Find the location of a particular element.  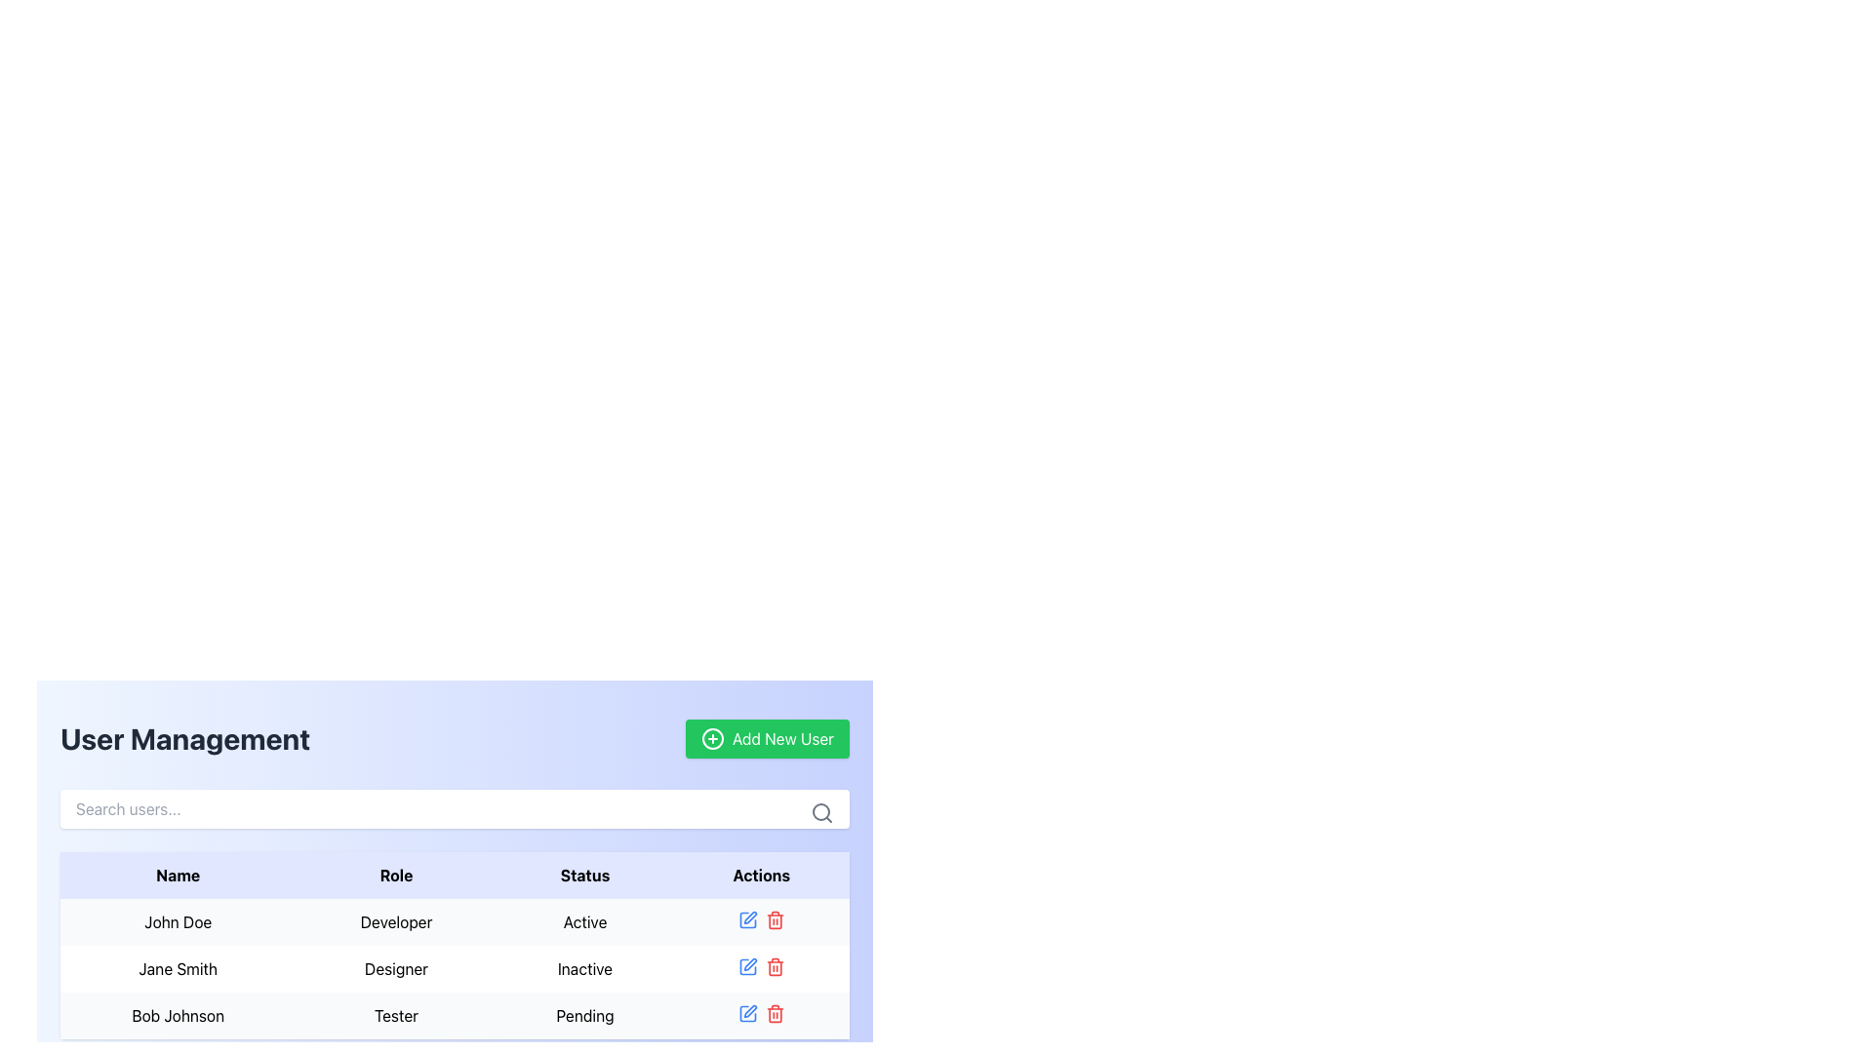

the static text label displaying 'Pending' status for user 'Bob Johnson' located in the third row of the 'Status' column is located at coordinates (584, 1014).